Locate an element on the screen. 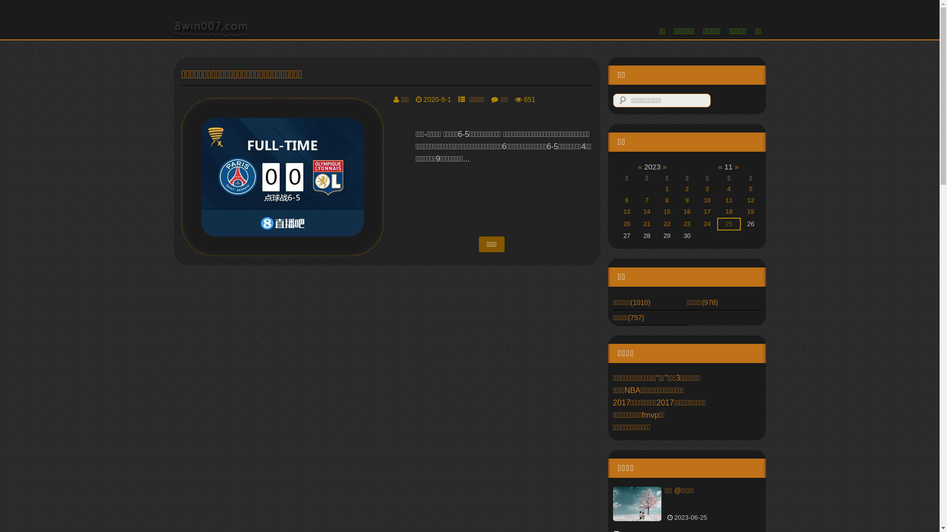 This screenshot has width=947, height=532. '15' is located at coordinates (667, 211).